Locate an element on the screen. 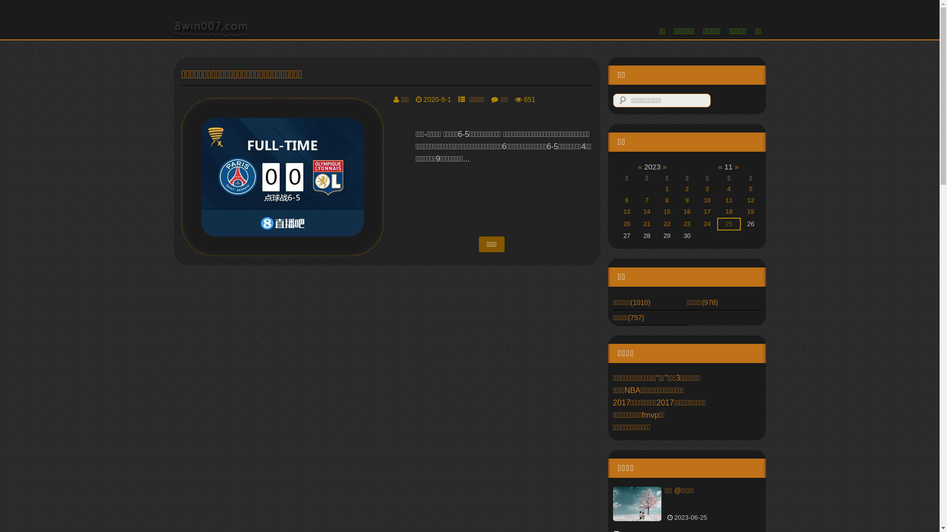 This screenshot has width=947, height=532. '15' is located at coordinates (667, 211).